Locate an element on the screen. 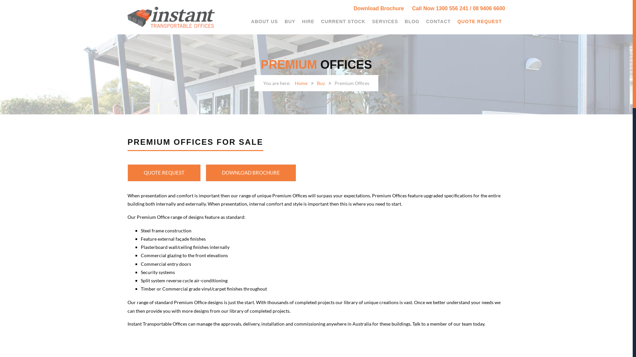 Image resolution: width=636 pixels, height=357 pixels. 'BLOG' is located at coordinates (411, 21).